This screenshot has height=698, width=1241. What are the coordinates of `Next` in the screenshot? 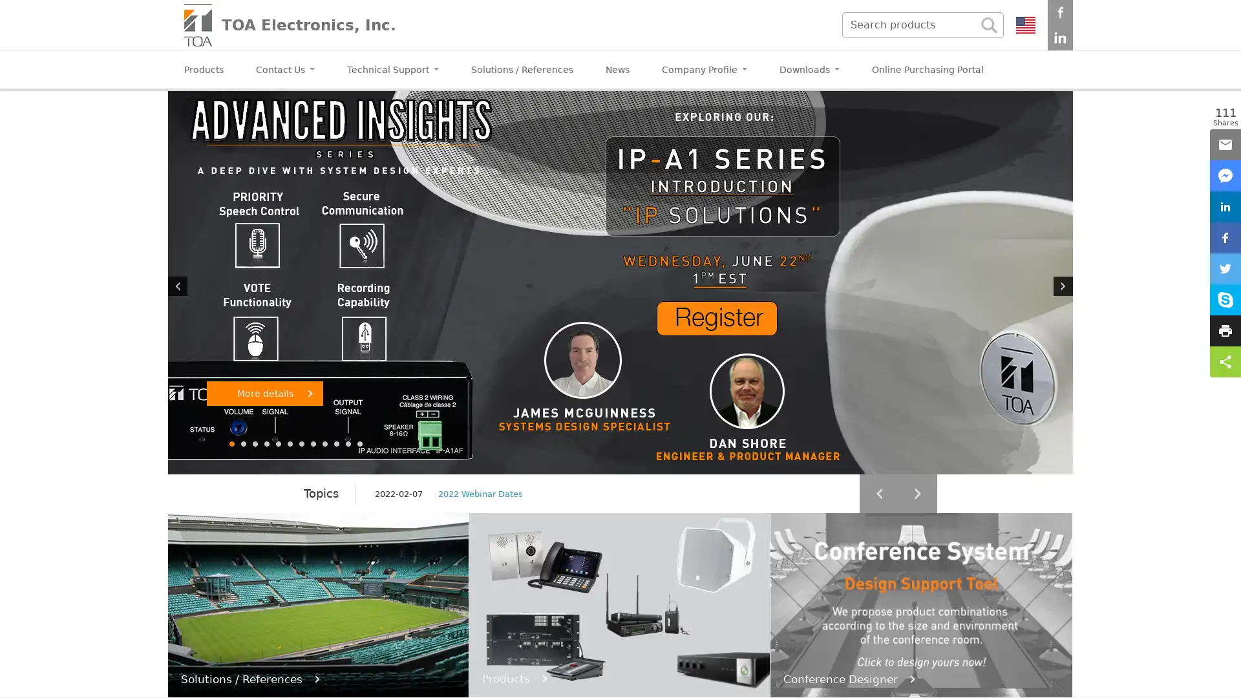 It's located at (917, 493).